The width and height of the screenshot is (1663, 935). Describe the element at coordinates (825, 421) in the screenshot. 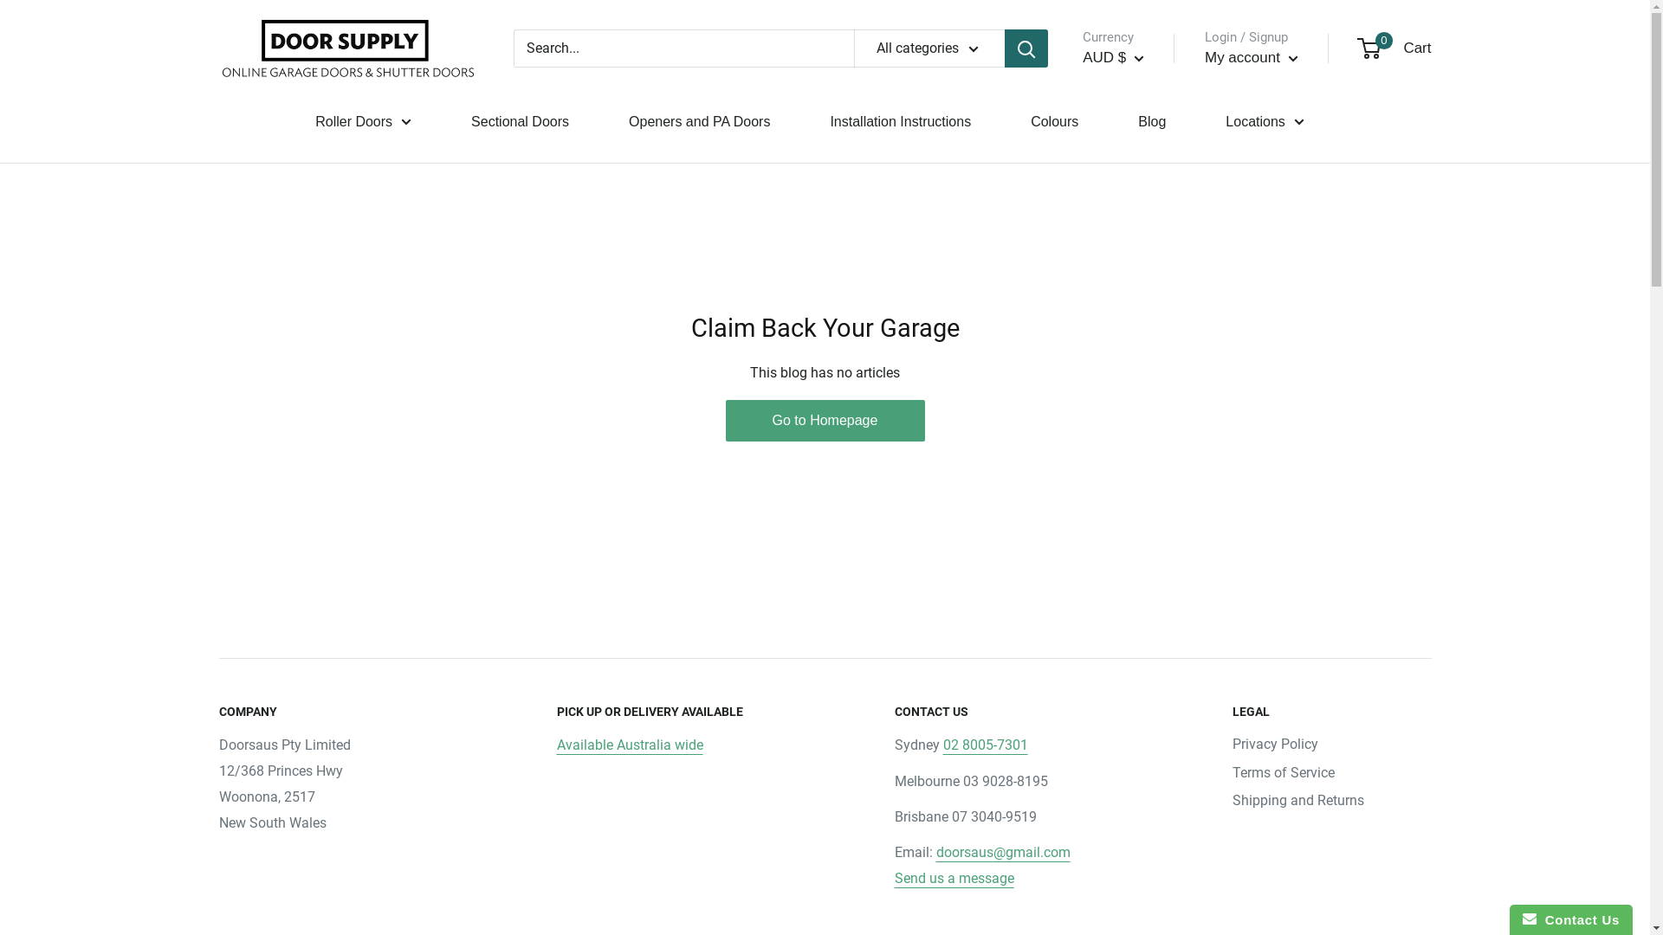

I see `'Go to Homepage'` at that location.